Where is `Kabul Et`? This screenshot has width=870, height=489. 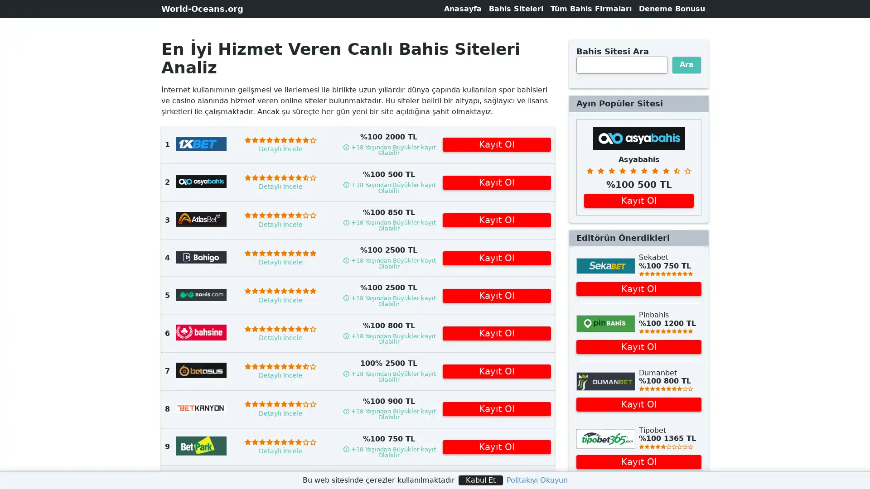 Kabul Et is located at coordinates (480, 479).